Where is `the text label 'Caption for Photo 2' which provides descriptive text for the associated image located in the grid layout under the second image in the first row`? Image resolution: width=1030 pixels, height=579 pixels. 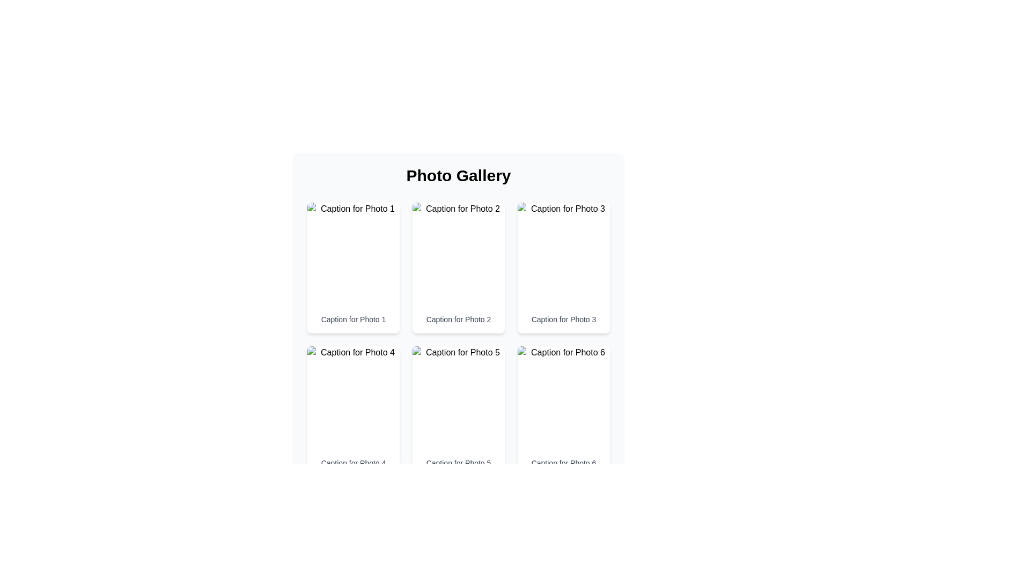 the text label 'Caption for Photo 2' which provides descriptive text for the associated image located in the grid layout under the second image in the first row is located at coordinates (458, 319).